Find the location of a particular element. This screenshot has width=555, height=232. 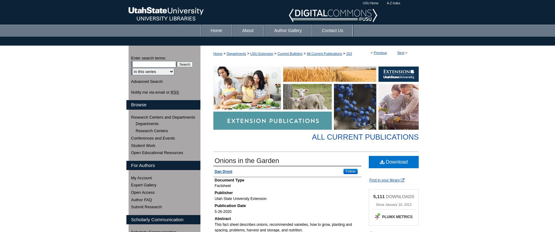

'<' is located at coordinates (372, 52).